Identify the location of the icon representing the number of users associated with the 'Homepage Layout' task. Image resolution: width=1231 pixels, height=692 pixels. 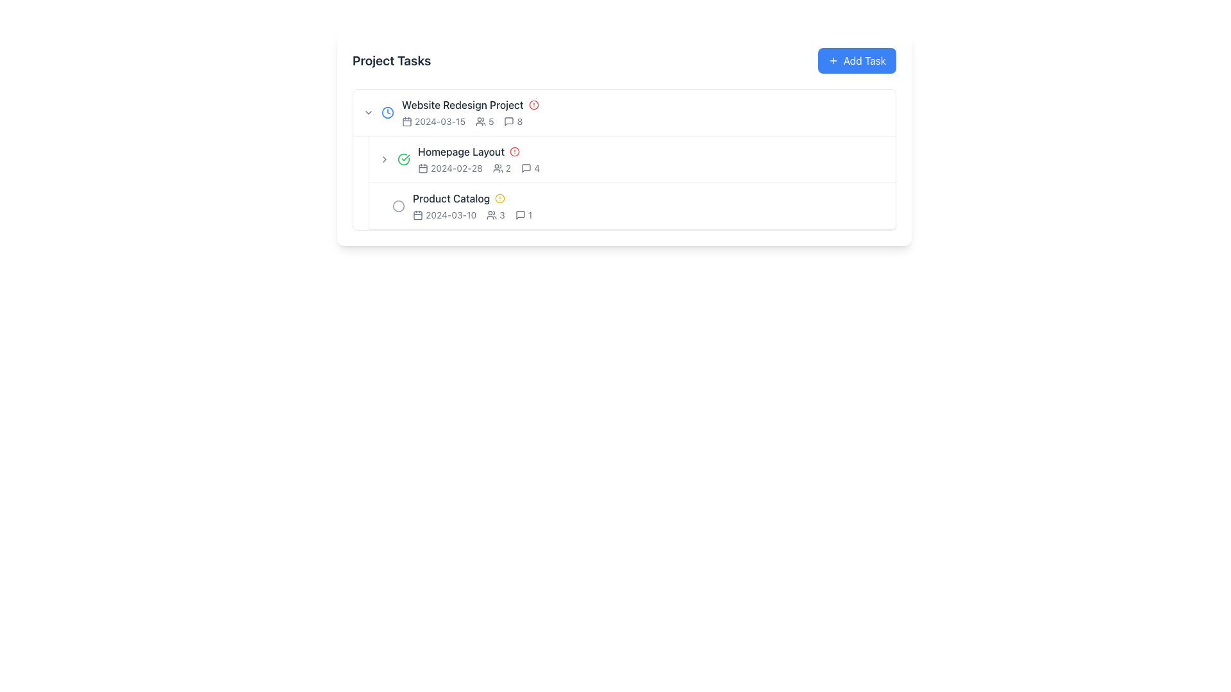
(497, 167).